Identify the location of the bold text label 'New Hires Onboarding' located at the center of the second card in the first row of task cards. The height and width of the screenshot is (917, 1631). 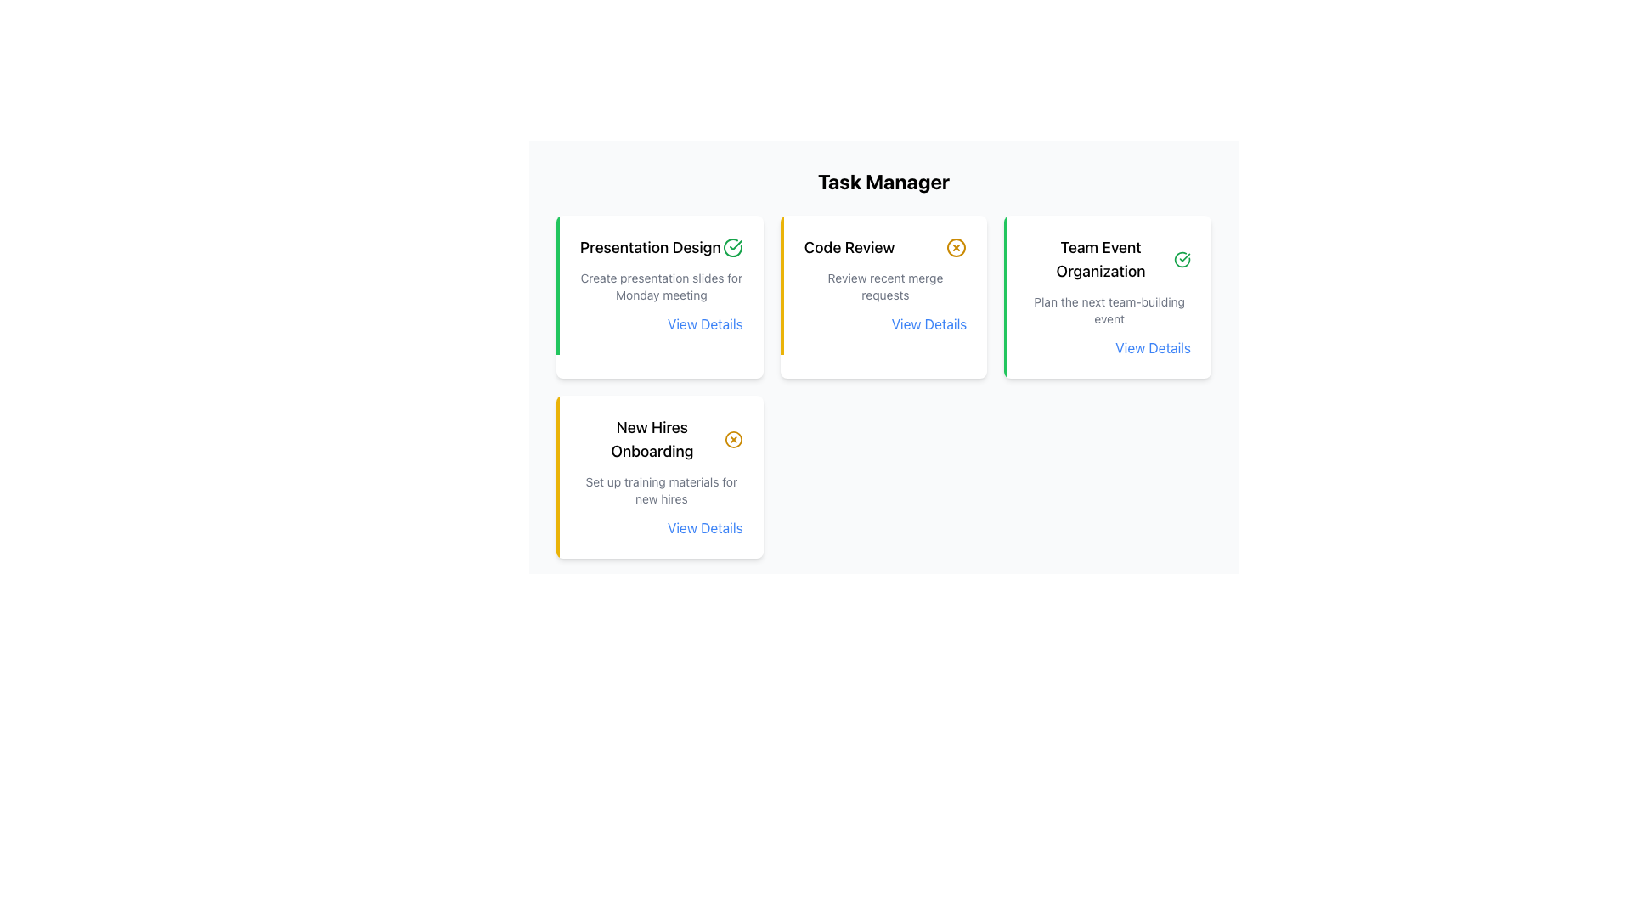
(651, 438).